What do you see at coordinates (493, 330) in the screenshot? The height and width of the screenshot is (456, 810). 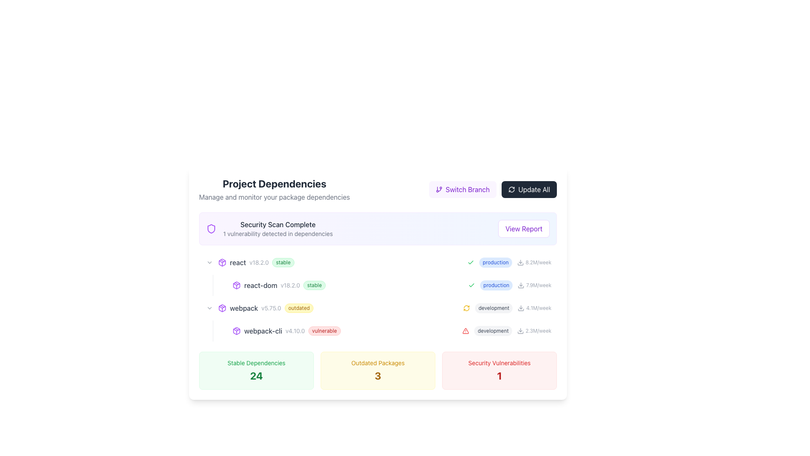 I see `text content of the non-interactive badge that indicates the 'development' environment, positioned between a red triangle alert icon and gray text displaying '2.3M/week'` at bounding box center [493, 330].